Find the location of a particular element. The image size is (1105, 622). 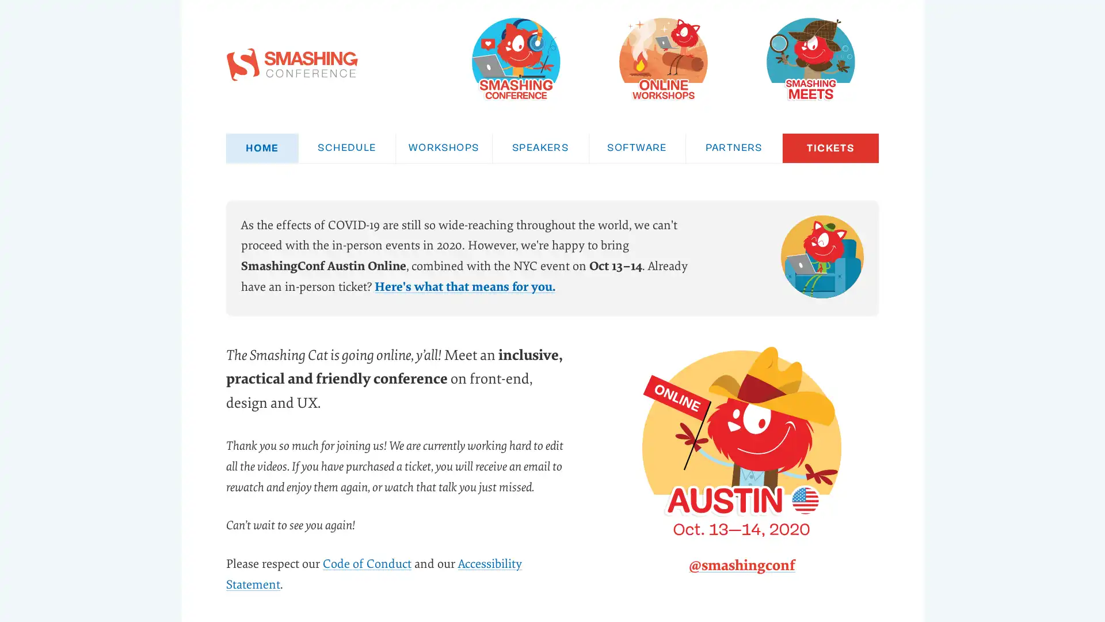

SmashingConf is located at coordinates (515, 58).